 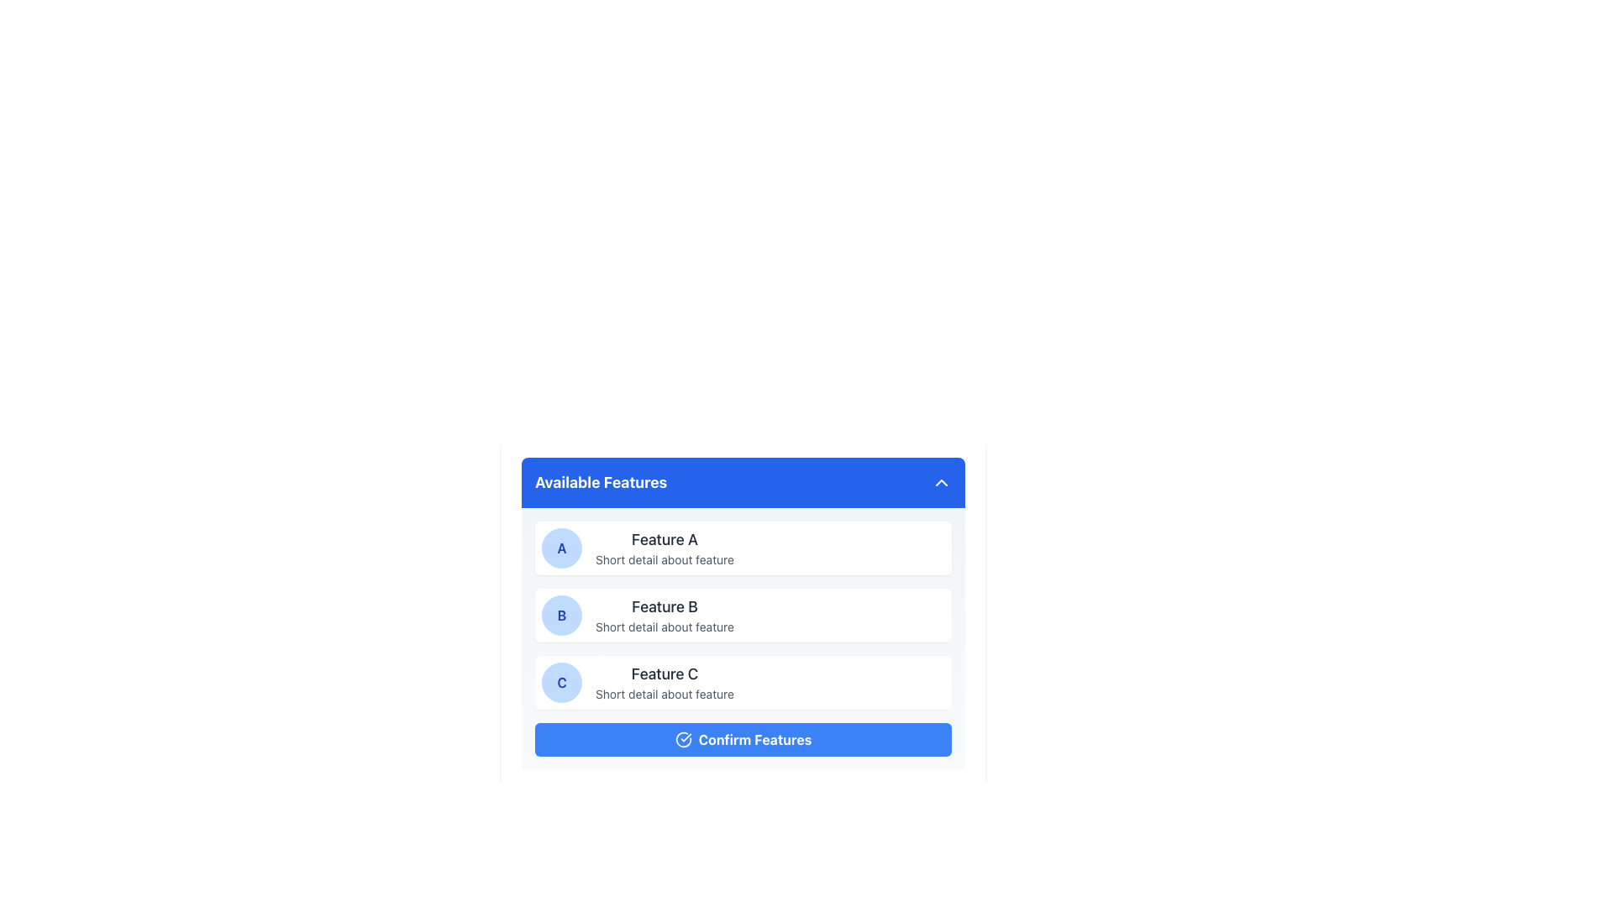 What do you see at coordinates (664, 540) in the screenshot?
I see `the text label reading 'Feature A', which is styled with a medium font size and dark gray color, located near the top center of the feature list interface` at bounding box center [664, 540].